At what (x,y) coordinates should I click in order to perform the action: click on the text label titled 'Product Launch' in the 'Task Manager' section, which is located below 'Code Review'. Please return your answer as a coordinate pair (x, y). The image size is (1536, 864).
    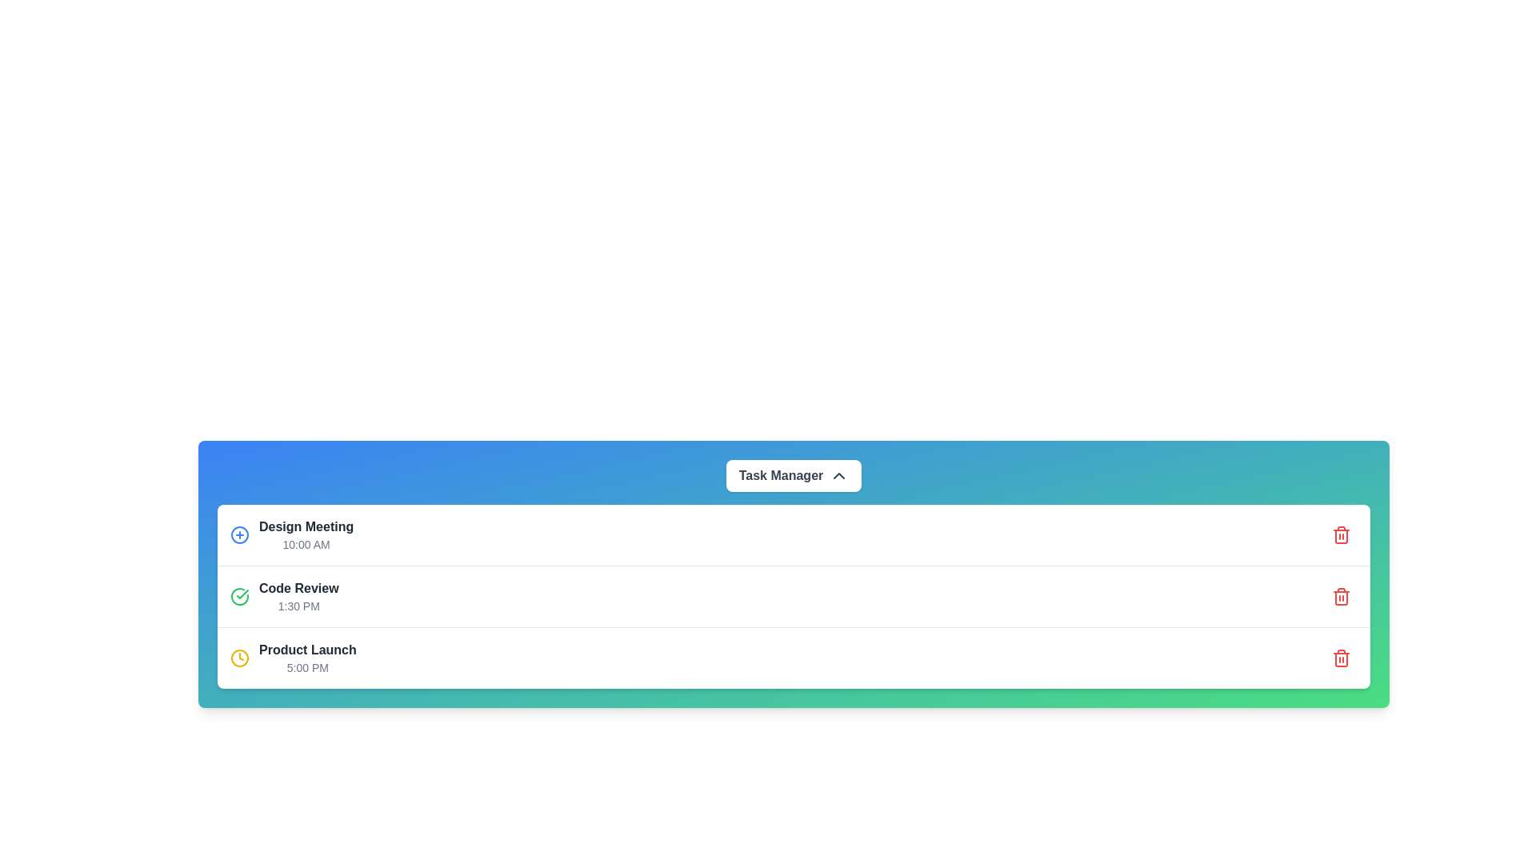
    Looking at the image, I should click on (307, 650).